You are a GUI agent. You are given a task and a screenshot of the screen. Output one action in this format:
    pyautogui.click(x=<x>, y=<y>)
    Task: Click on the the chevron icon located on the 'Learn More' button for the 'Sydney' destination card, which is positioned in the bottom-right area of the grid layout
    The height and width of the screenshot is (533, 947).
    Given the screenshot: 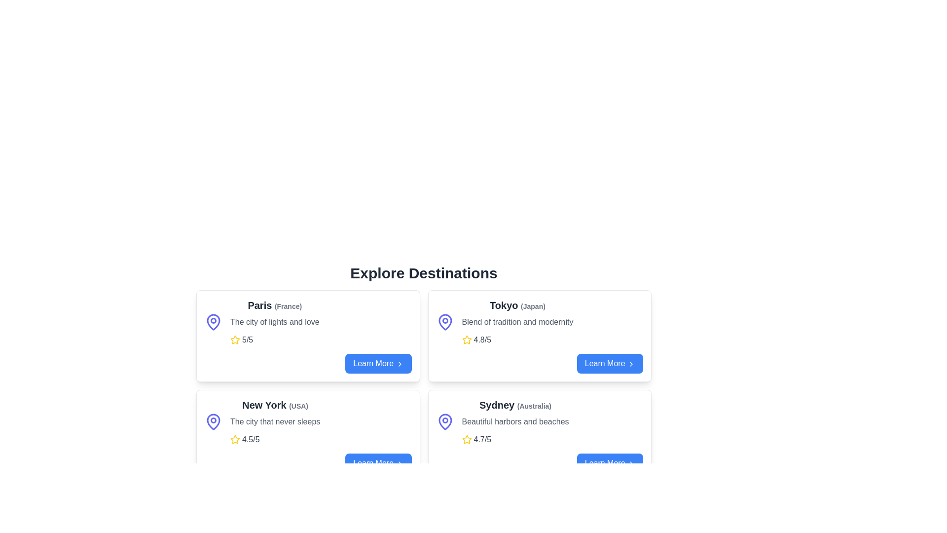 What is the action you would take?
    pyautogui.click(x=631, y=463)
    